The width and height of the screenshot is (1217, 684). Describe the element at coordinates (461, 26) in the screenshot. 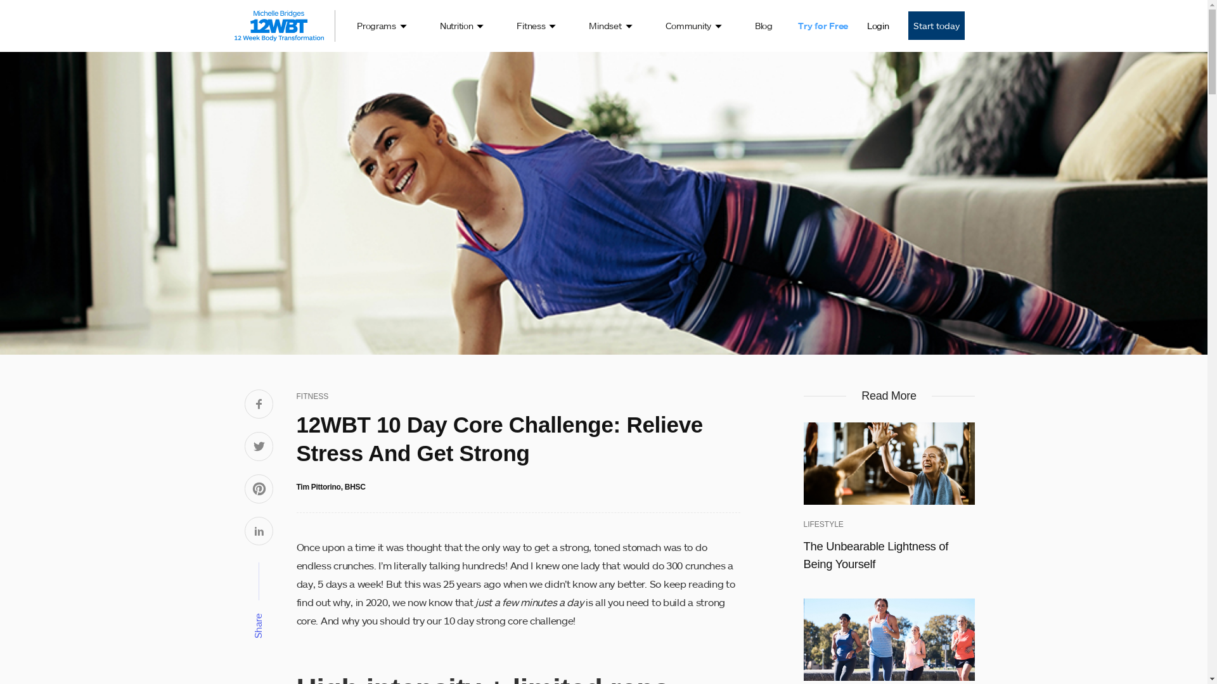

I see `'Nutrition'` at that location.